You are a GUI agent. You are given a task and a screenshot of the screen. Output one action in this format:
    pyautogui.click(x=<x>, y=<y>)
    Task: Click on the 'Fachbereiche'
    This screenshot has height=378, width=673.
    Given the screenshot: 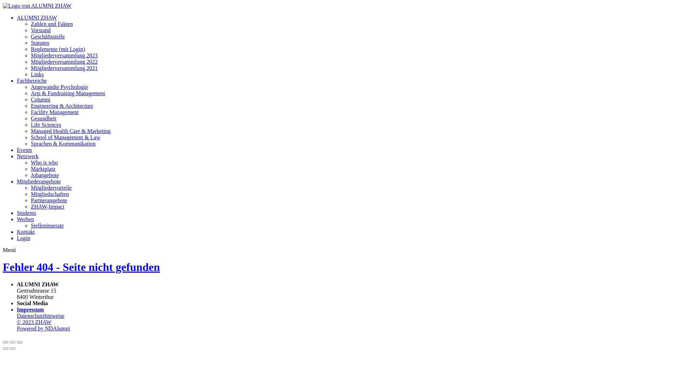 What is the action you would take?
    pyautogui.click(x=17, y=80)
    